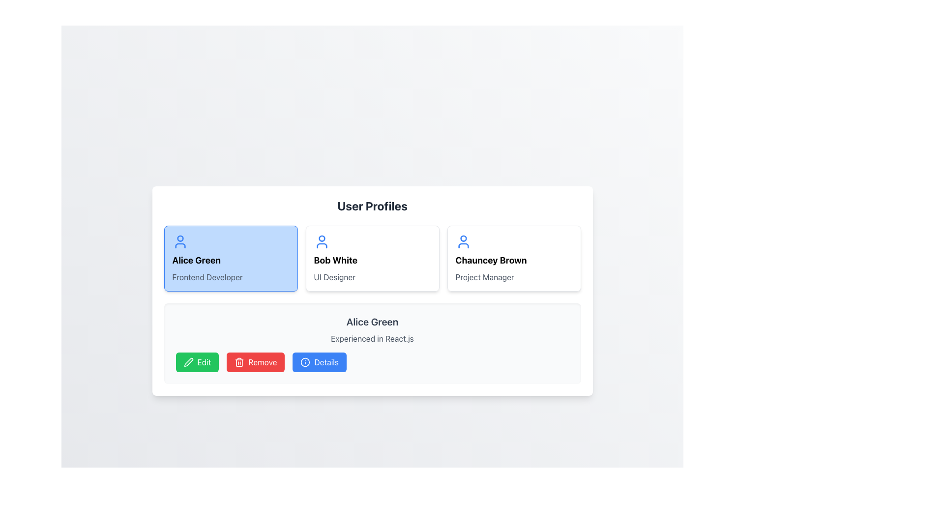  I want to click on the interactive user profile card for 'Alice Green', so click(230, 258).